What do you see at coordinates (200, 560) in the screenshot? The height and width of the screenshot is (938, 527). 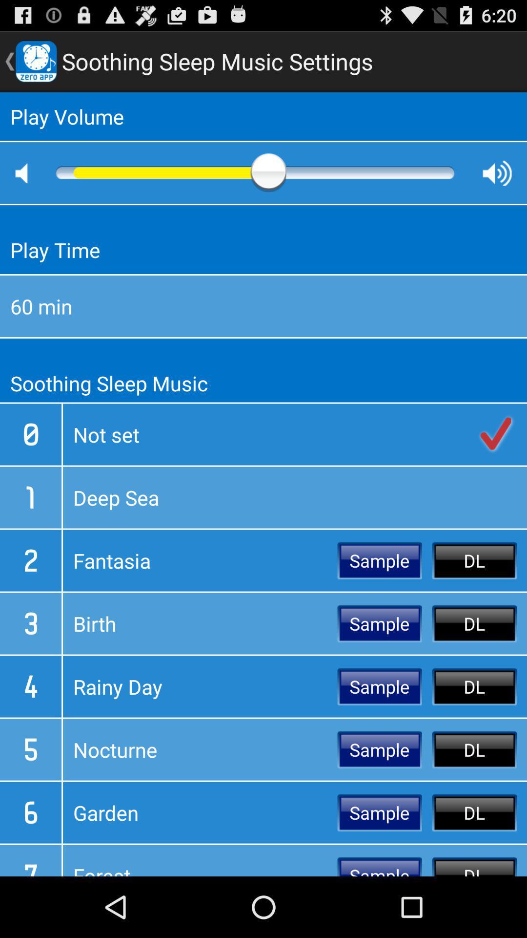 I see `the icon next to the sample icon` at bounding box center [200, 560].